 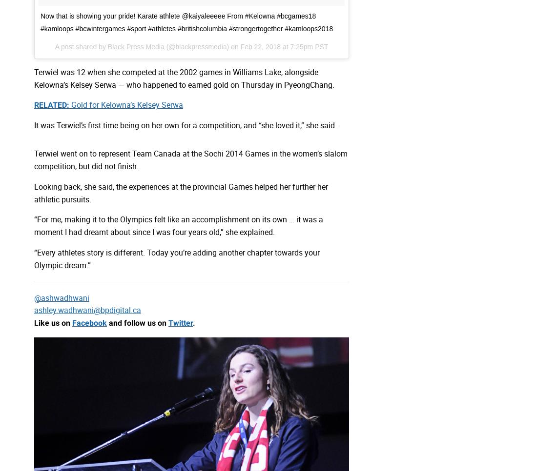 I want to click on 'Twitter', so click(x=181, y=323).